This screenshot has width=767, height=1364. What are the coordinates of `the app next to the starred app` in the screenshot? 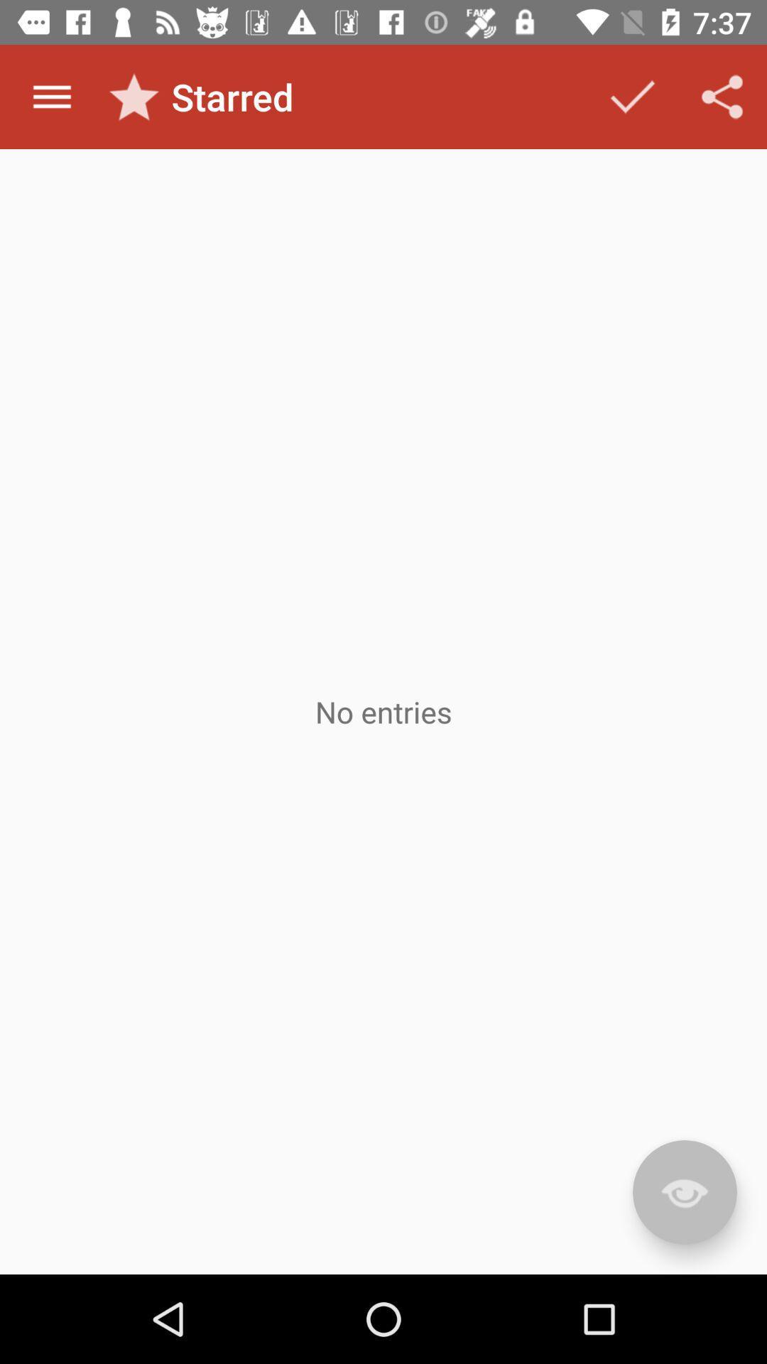 It's located at (632, 96).